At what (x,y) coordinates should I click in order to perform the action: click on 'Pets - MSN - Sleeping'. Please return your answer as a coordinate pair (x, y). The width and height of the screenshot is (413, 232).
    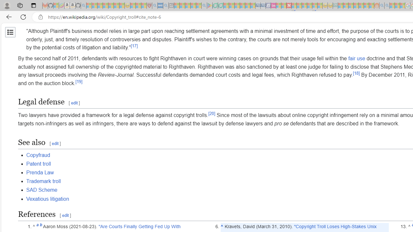
    Looking at the image, I should click on (193, 5).